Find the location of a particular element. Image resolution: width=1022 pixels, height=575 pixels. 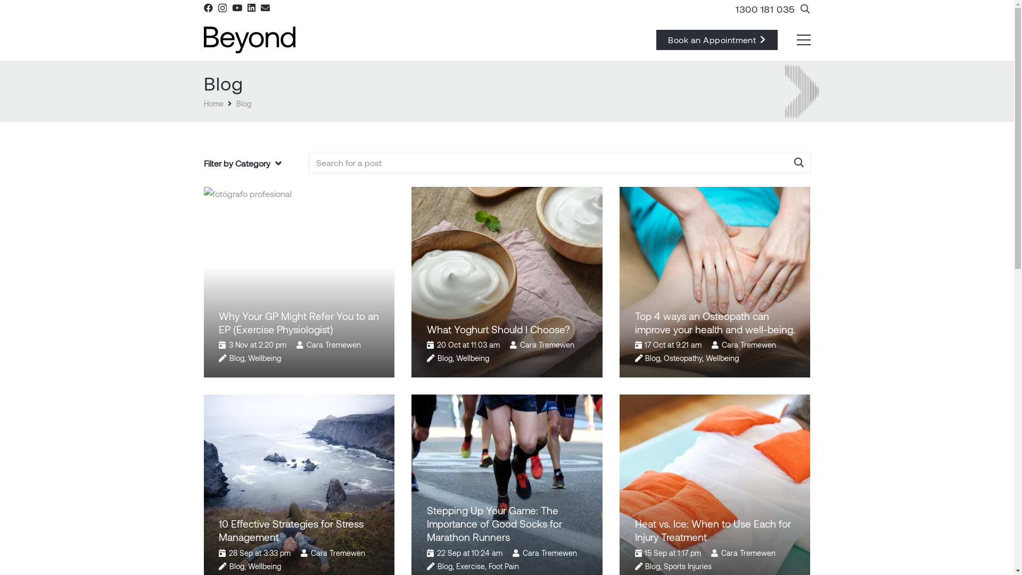

'Facebook' is located at coordinates (208, 7).